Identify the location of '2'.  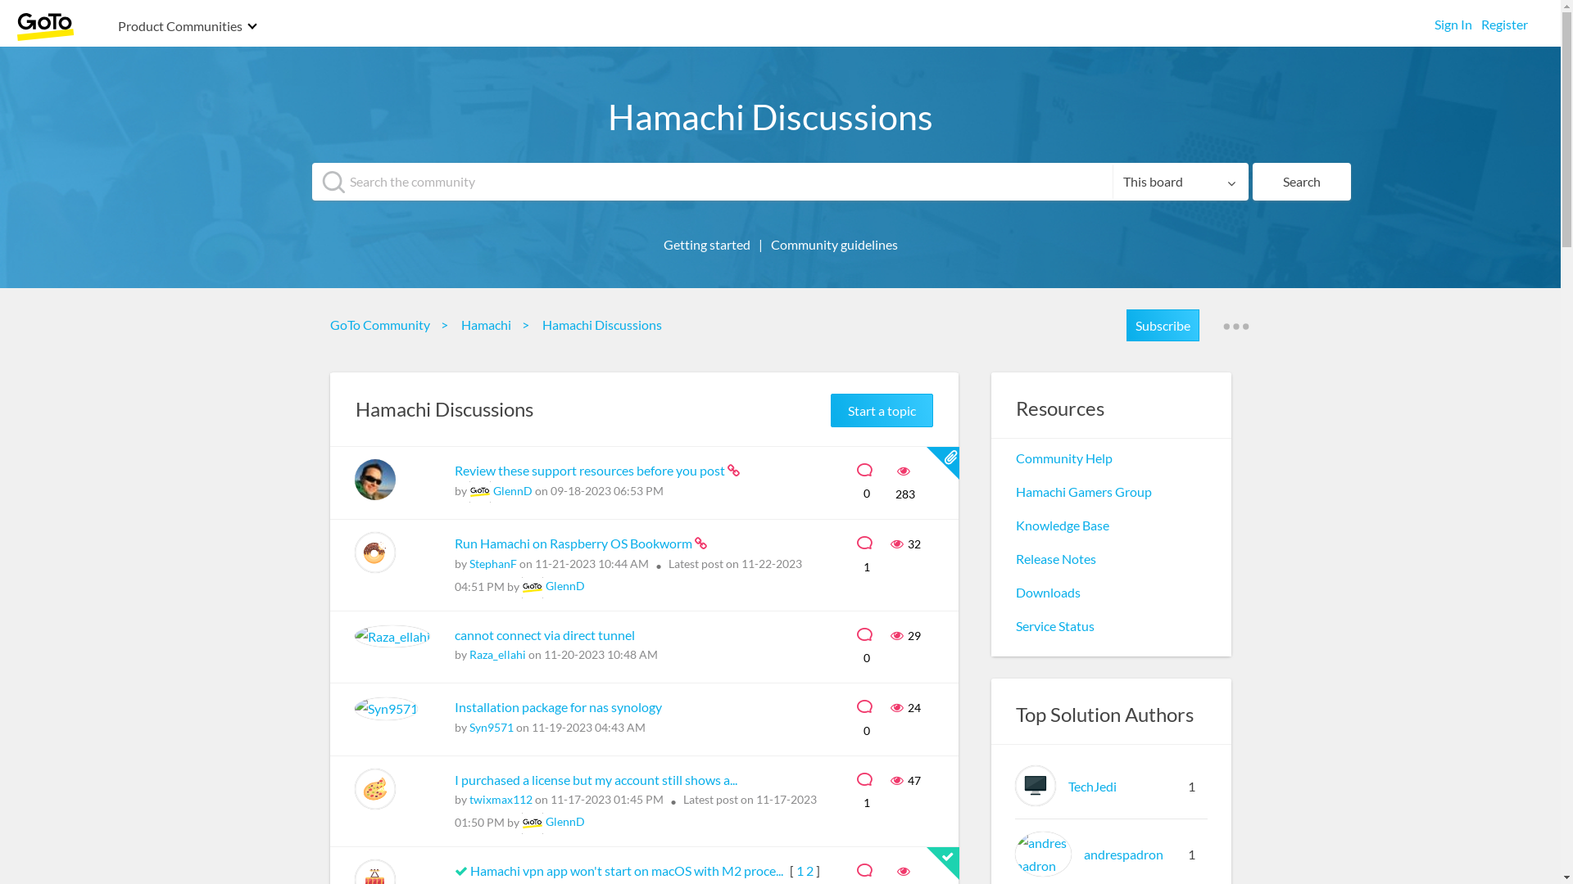
(809, 869).